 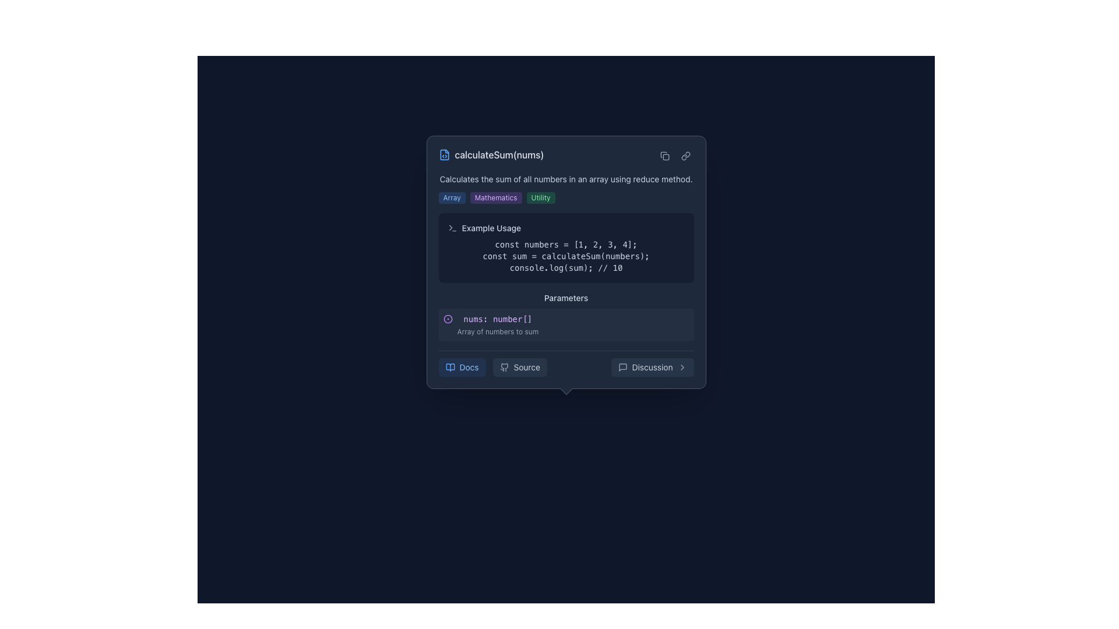 What do you see at coordinates (566, 197) in the screenshot?
I see `the tag group consisting of labels 'Array', 'Mathematics', and 'Utility'` at bounding box center [566, 197].